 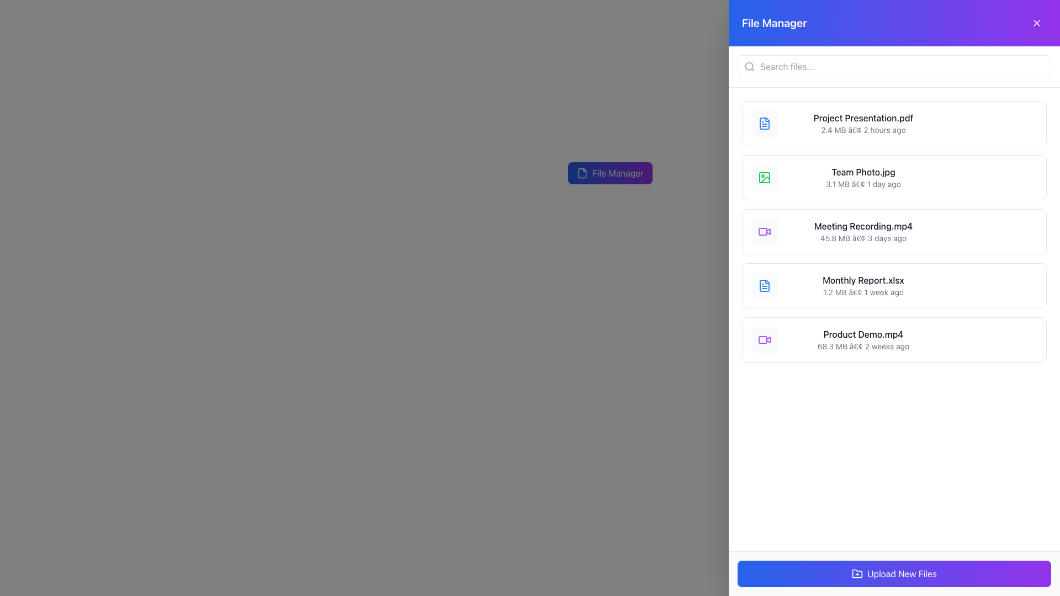 What do you see at coordinates (750, 66) in the screenshot?
I see `the search icon located on the left side of the search input field` at bounding box center [750, 66].